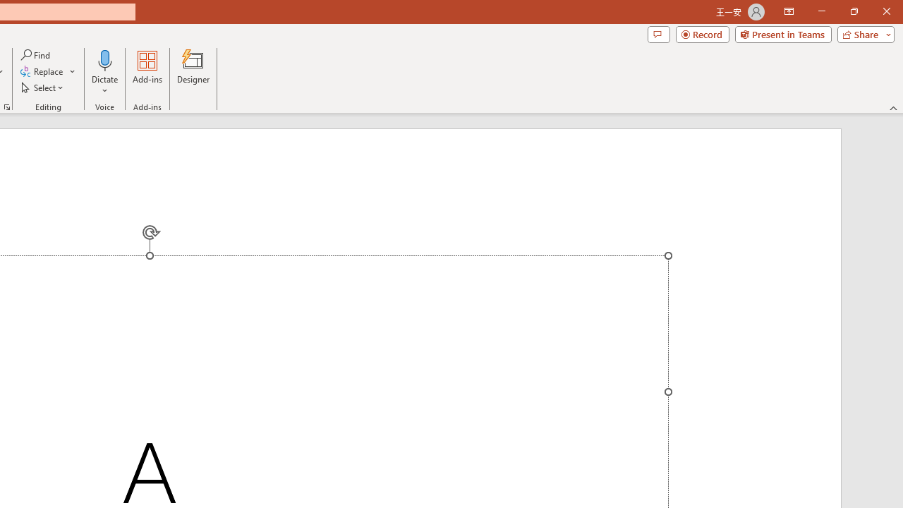 The image size is (903, 508). What do you see at coordinates (657, 33) in the screenshot?
I see `'Comments'` at bounding box center [657, 33].